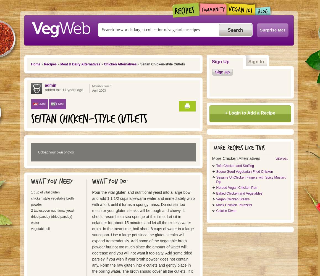 Image resolution: width=320 pixels, height=276 pixels. Describe the element at coordinates (50, 85) in the screenshot. I see `'admin'` at that location.